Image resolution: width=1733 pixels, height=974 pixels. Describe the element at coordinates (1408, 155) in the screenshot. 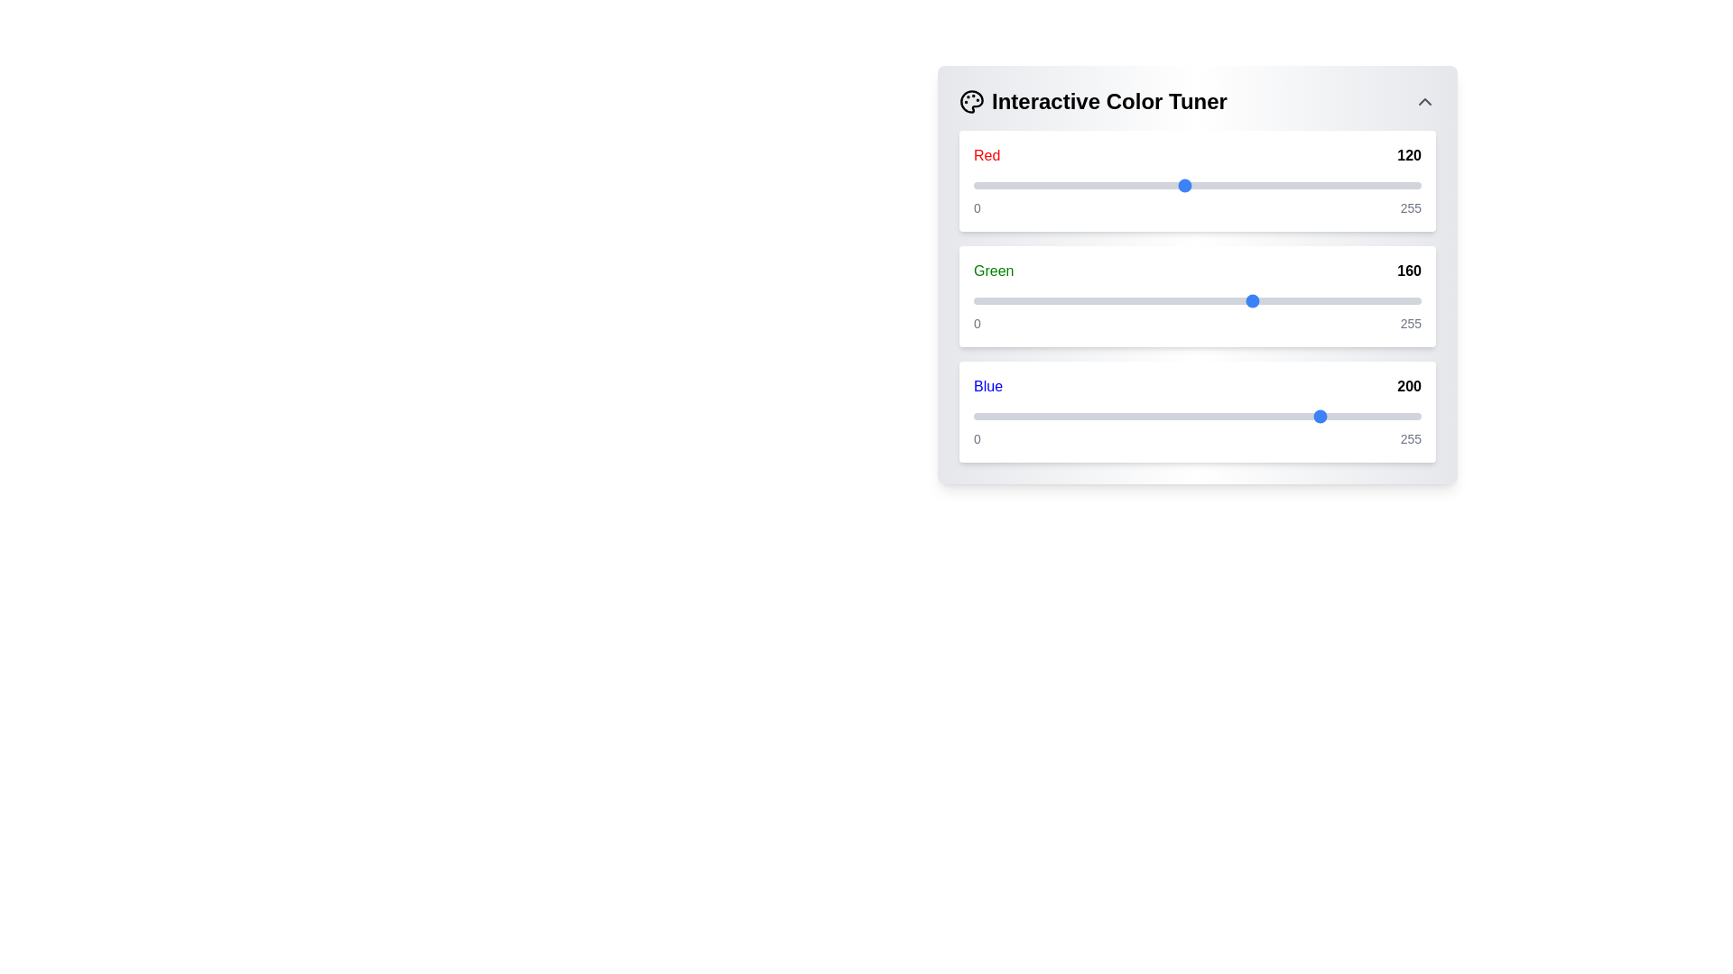

I see `the text label displaying the number '120', which is positioned adjacent to the 'Red' slider, representing the current value for color adjustment` at that location.